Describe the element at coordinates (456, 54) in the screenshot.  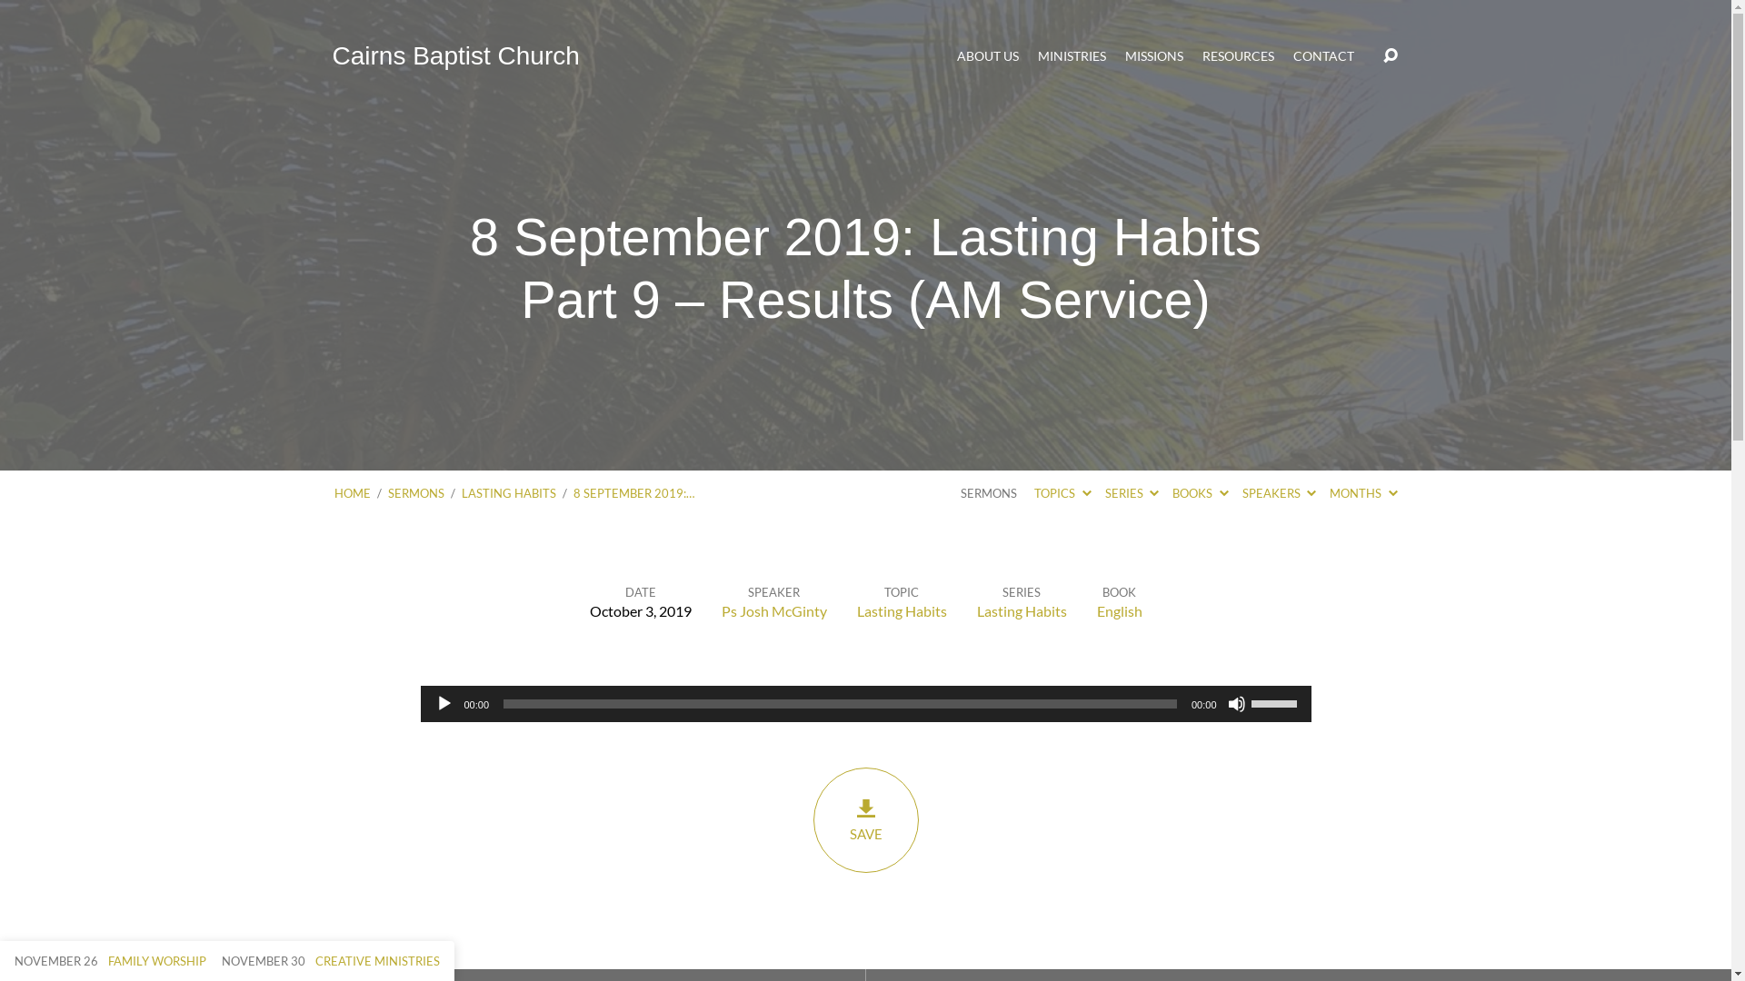
I see `'Cairns Baptist Church'` at that location.